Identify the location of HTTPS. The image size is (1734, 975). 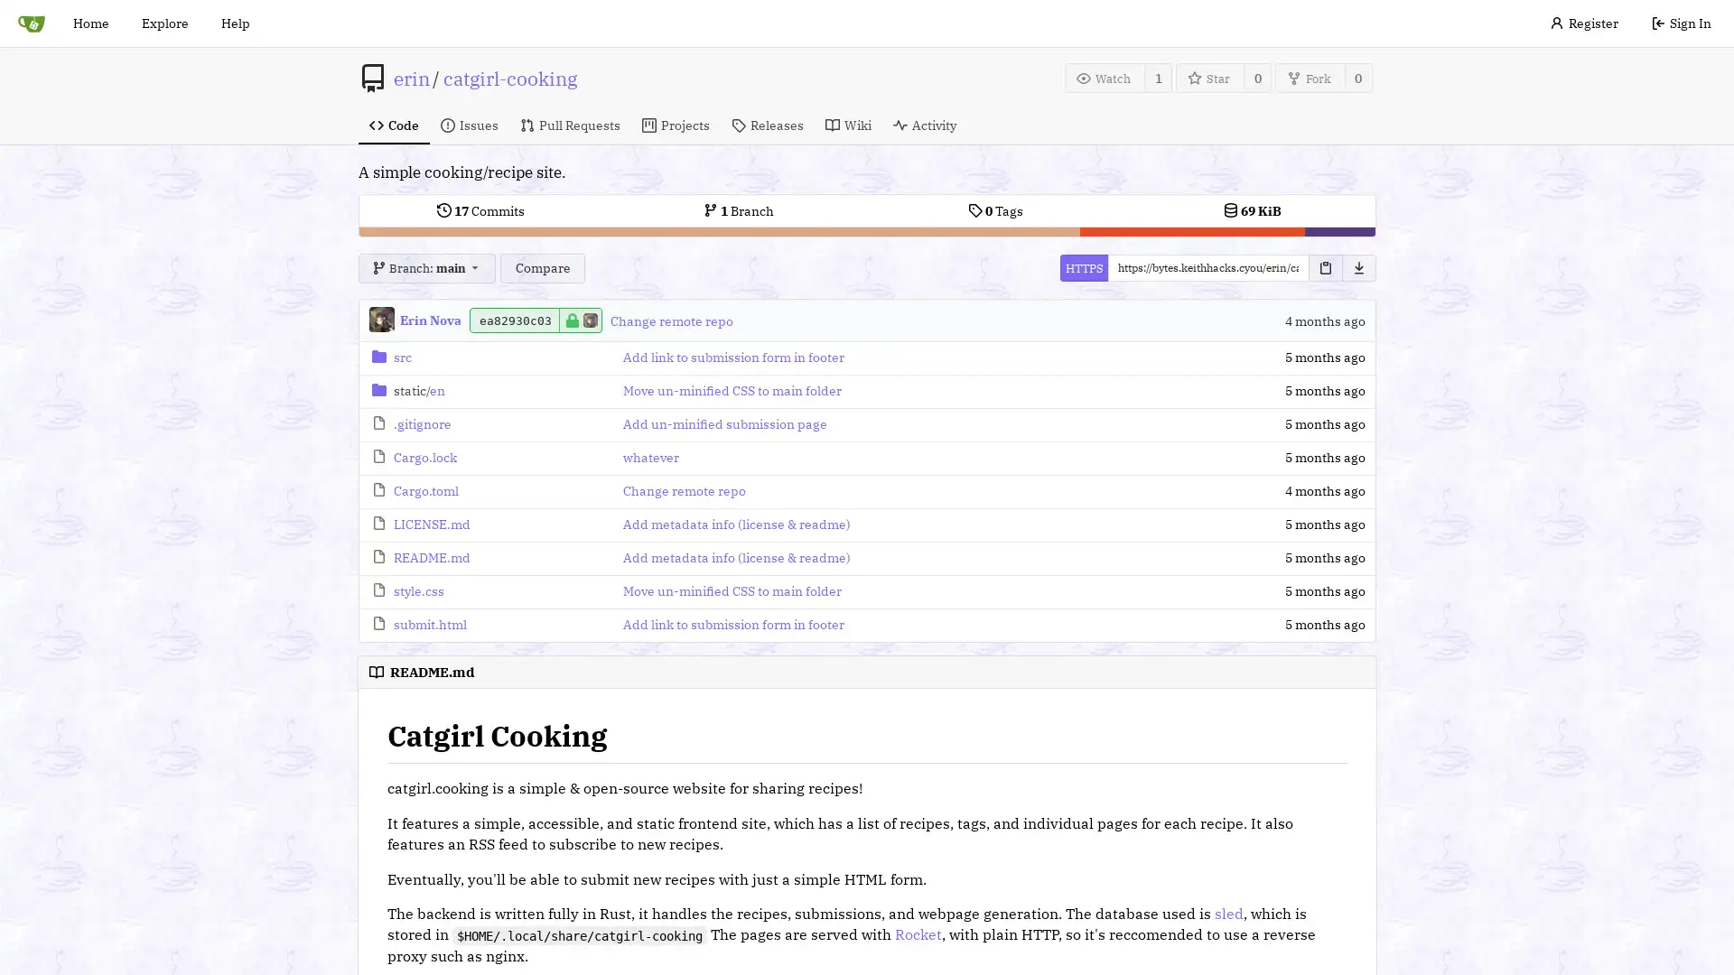
(1083, 268).